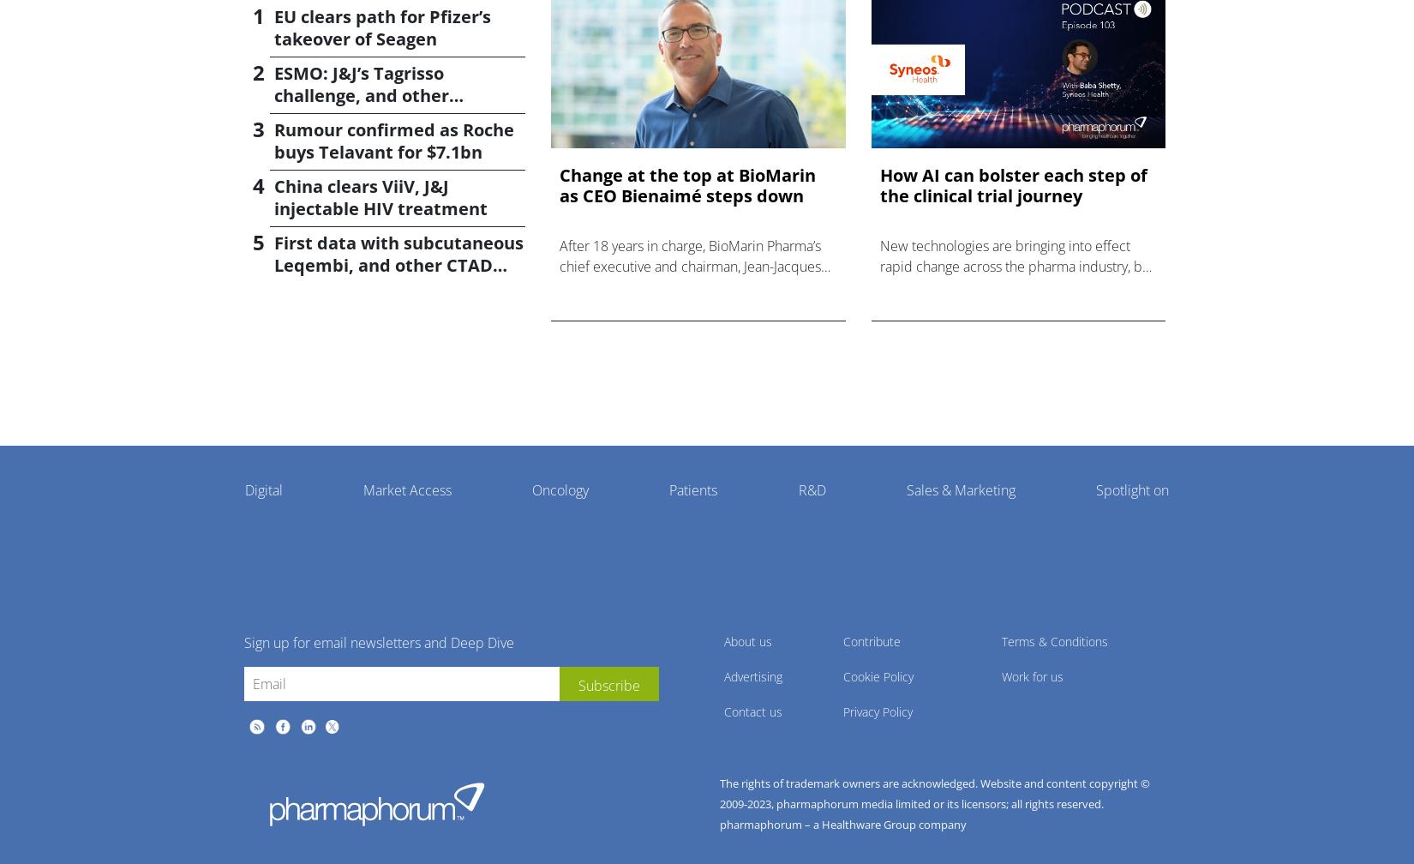 This screenshot has width=1414, height=864. I want to click on 'New technologies are bringing into effect rapid change across the pharma industry, but no other aspect of the business is seeing innovation at the scale and speed of the clinical trial spac', so click(1016, 285).